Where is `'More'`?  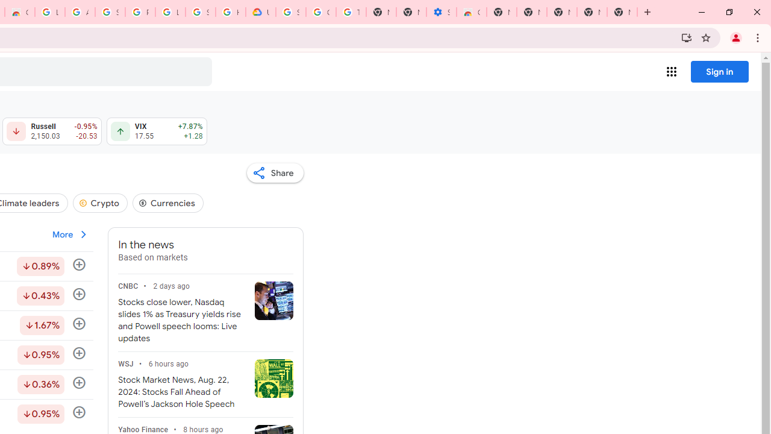
'More' is located at coordinates (70, 234).